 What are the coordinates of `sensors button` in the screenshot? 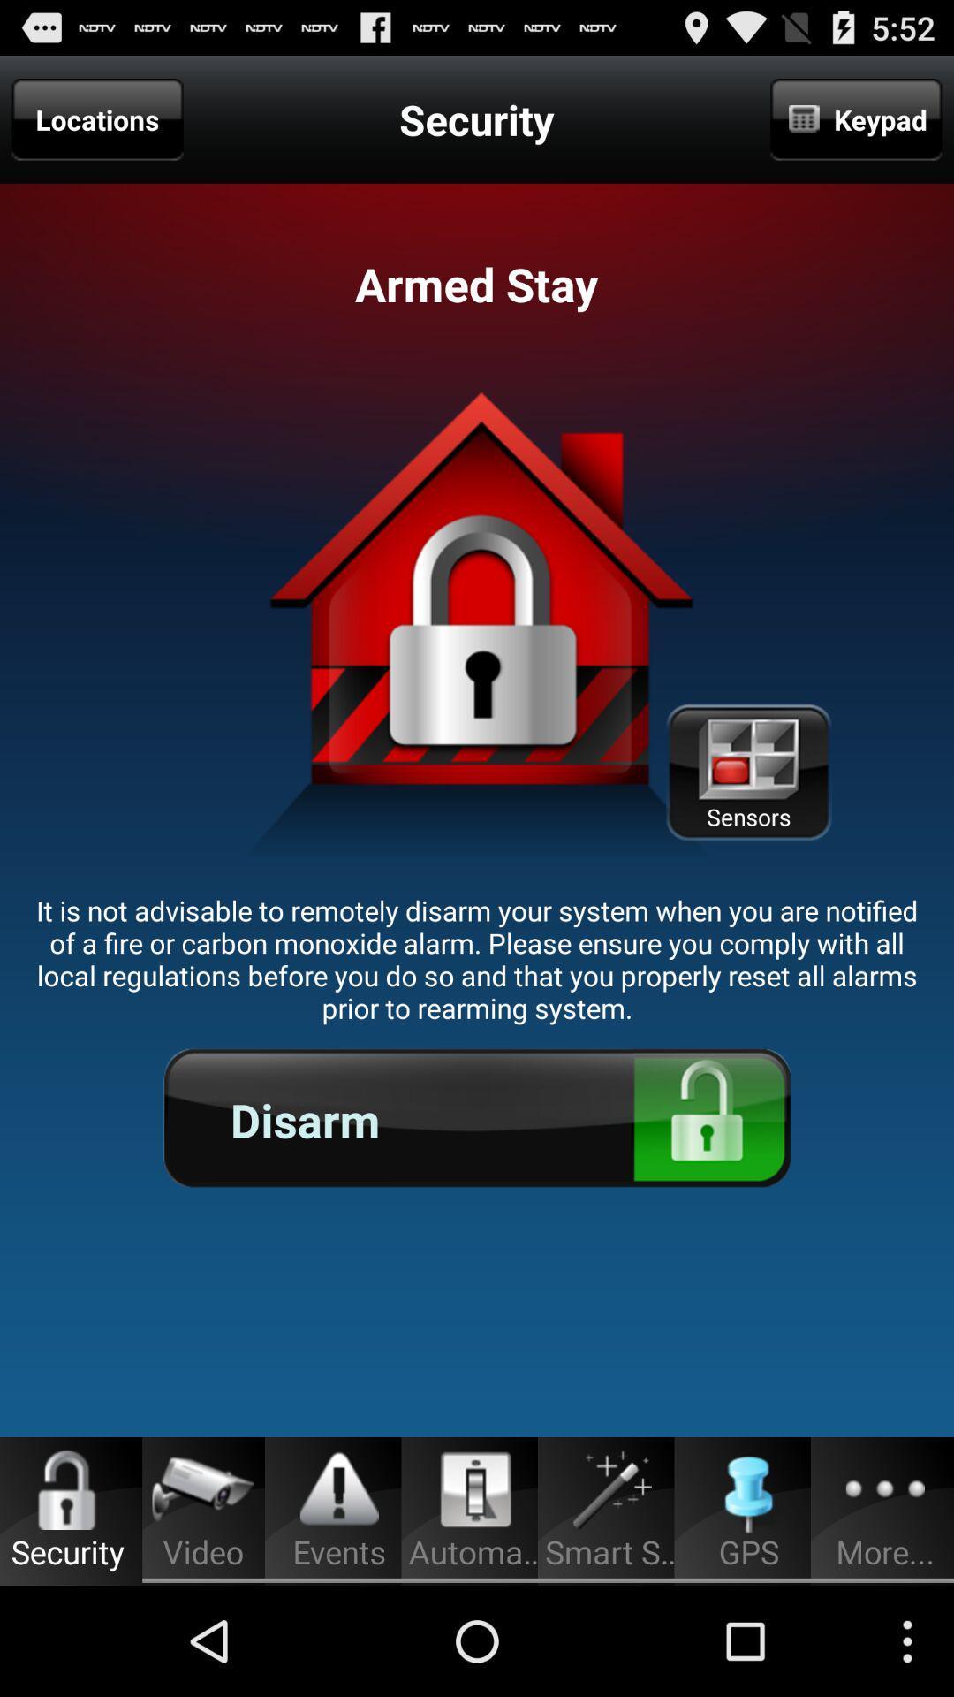 It's located at (748, 772).